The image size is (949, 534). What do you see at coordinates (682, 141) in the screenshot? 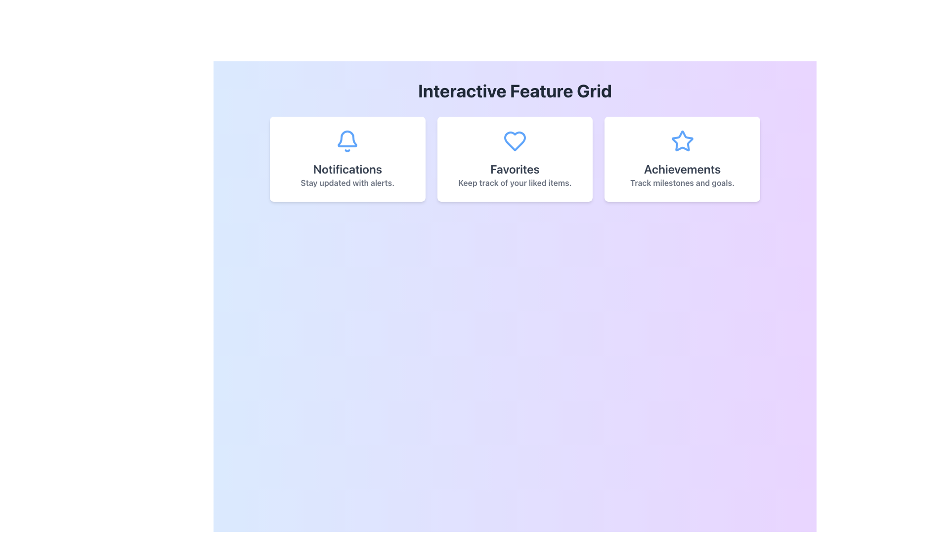
I see `the 'Achievements' icon, which is the top component of the 'Achievements' card, represented by a star symbol, centrally positioned within its card layout` at bounding box center [682, 141].